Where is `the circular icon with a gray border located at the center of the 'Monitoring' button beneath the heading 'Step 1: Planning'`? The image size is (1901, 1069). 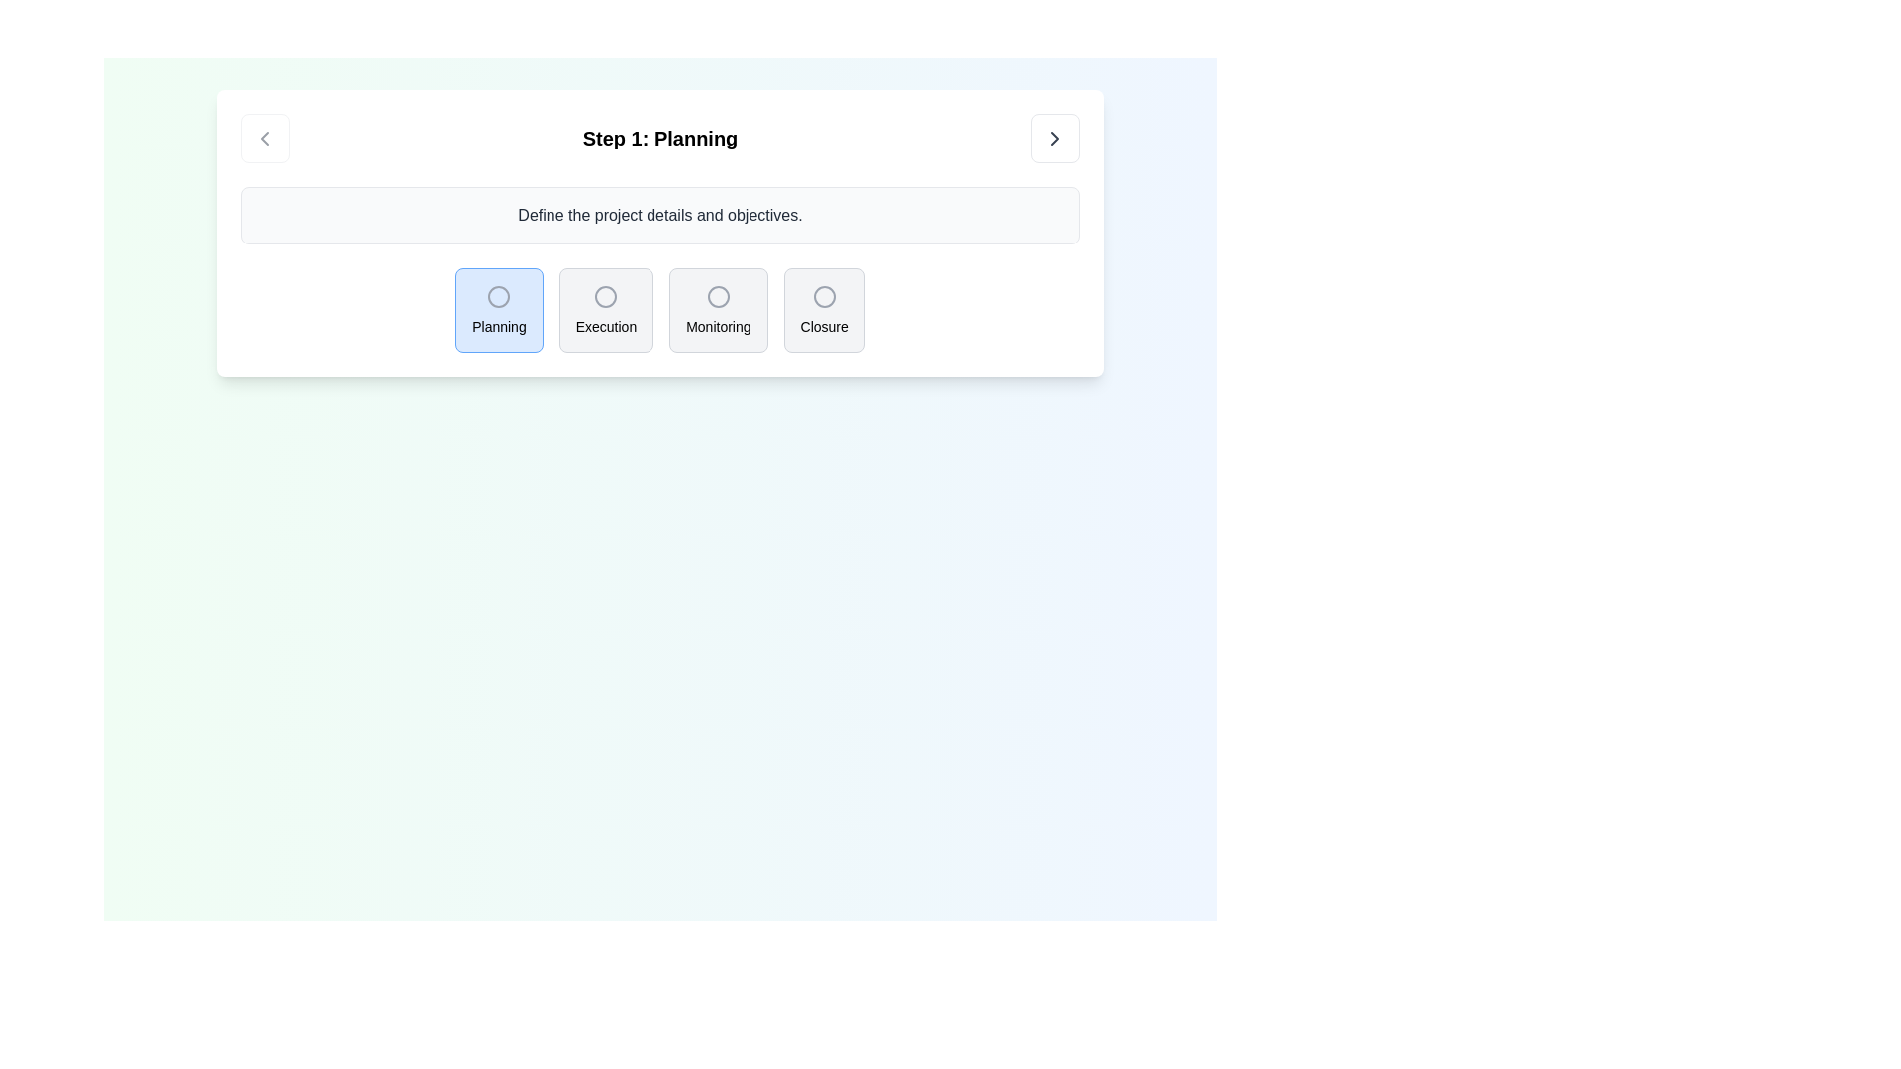 the circular icon with a gray border located at the center of the 'Monitoring' button beneath the heading 'Step 1: Planning' is located at coordinates (717, 297).